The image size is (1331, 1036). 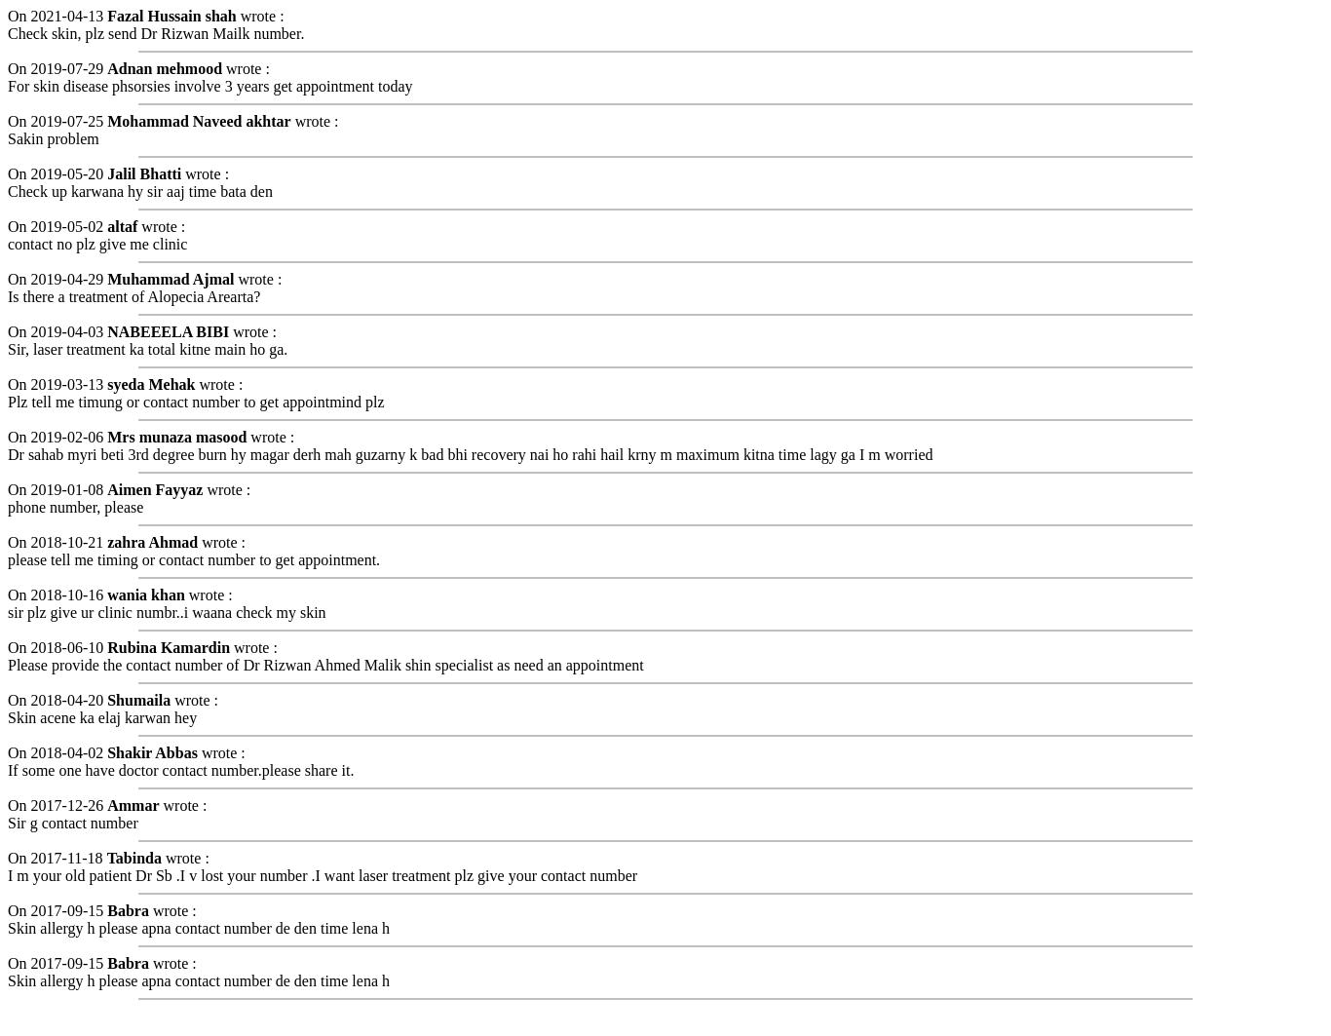 What do you see at coordinates (175, 436) in the screenshot?
I see `'Mrs munaza masood'` at bounding box center [175, 436].